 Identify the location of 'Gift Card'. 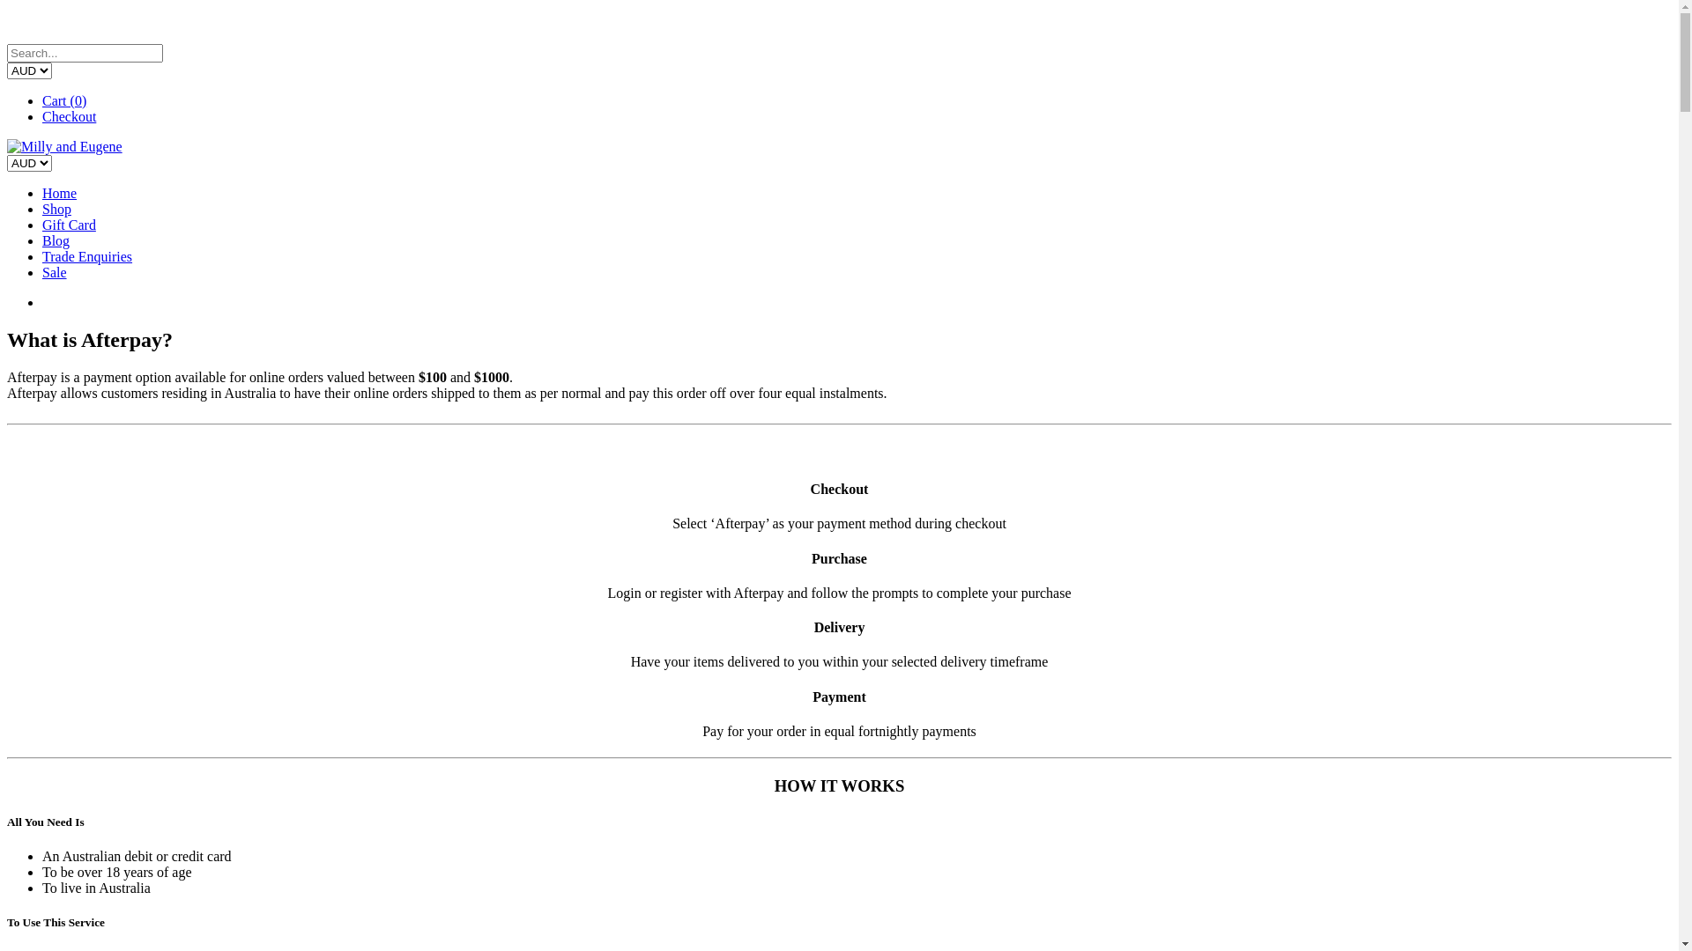
(69, 224).